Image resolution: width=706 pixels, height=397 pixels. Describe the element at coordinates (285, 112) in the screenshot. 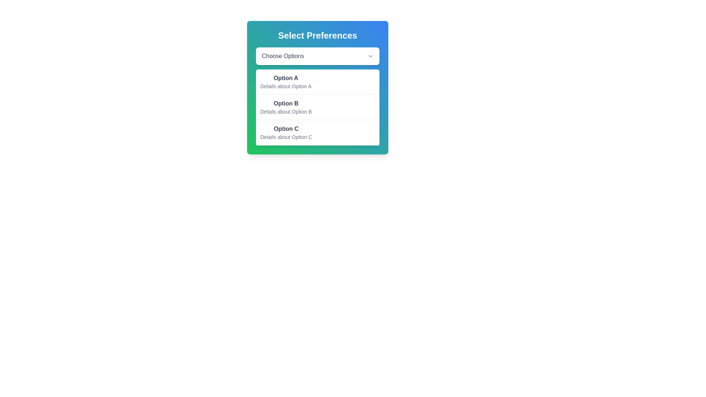

I see `the text label displaying 'Details about Option B', which is positioned directly below the bold title 'Option B' within the option selection block` at that location.